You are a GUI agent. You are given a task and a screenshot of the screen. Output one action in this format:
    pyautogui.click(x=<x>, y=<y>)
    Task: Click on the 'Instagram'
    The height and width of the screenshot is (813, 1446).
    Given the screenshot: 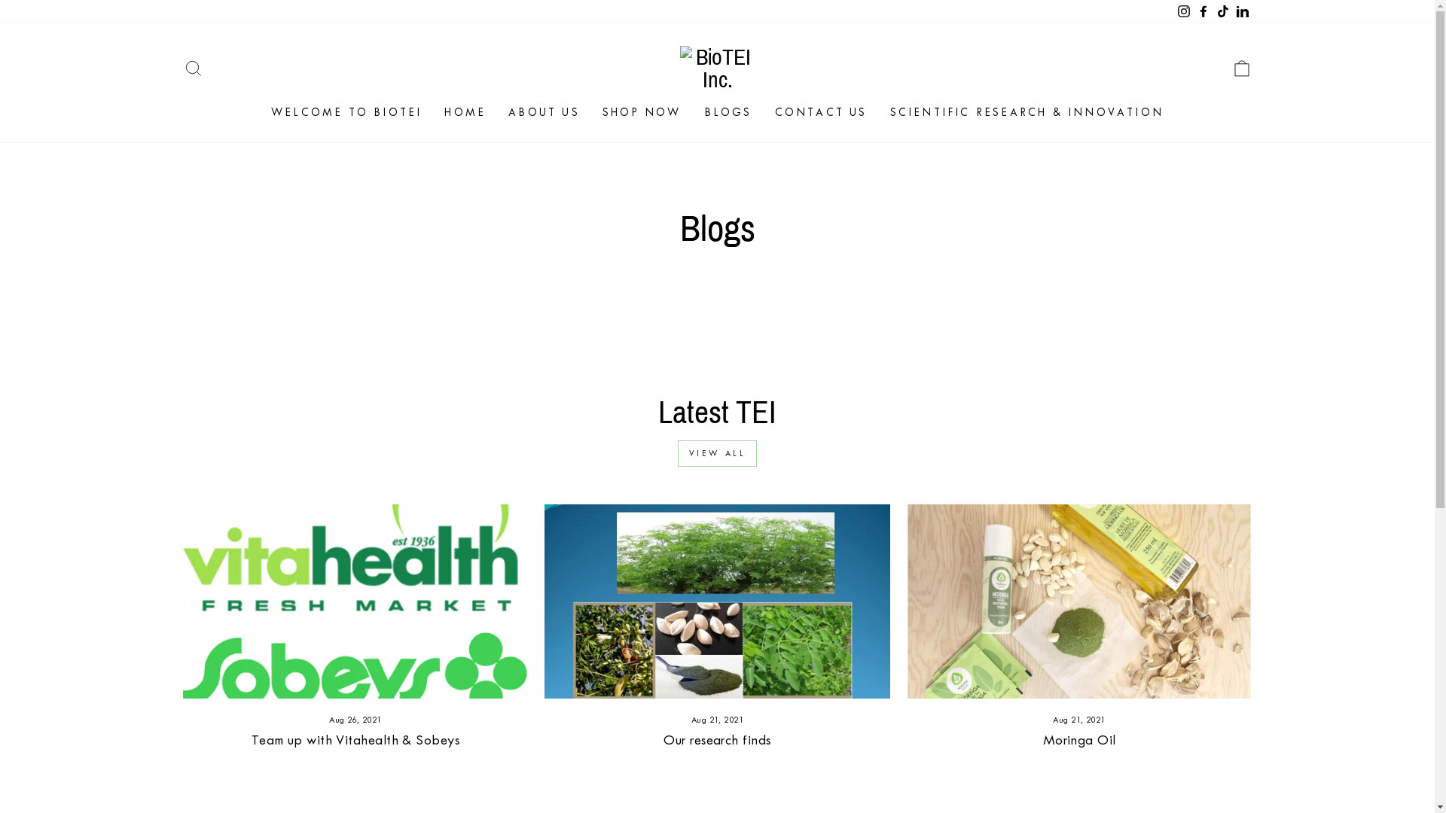 What is the action you would take?
    pyautogui.click(x=1182, y=11)
    